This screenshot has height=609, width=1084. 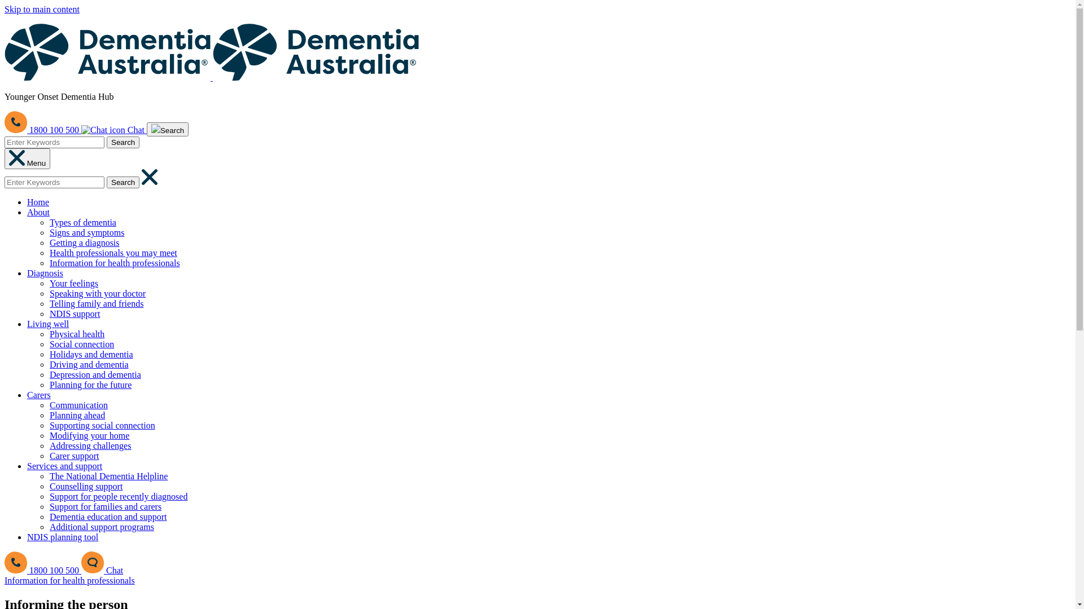 What do you see at coordinates (69, 580) in the screenshot?
I see `'Information for health professionals'` at bounding box center [69, 580].